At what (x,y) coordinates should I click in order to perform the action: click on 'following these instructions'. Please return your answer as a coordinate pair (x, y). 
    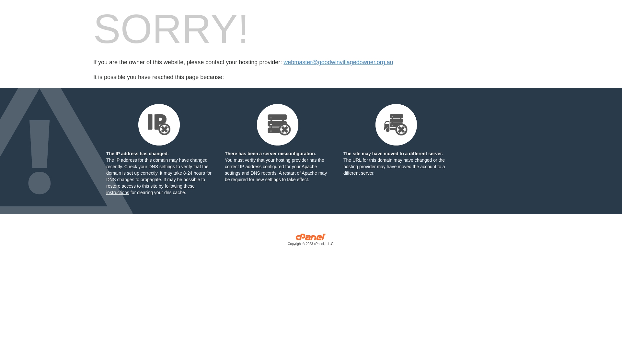
    Looking at the image, I should click on (150, 189).